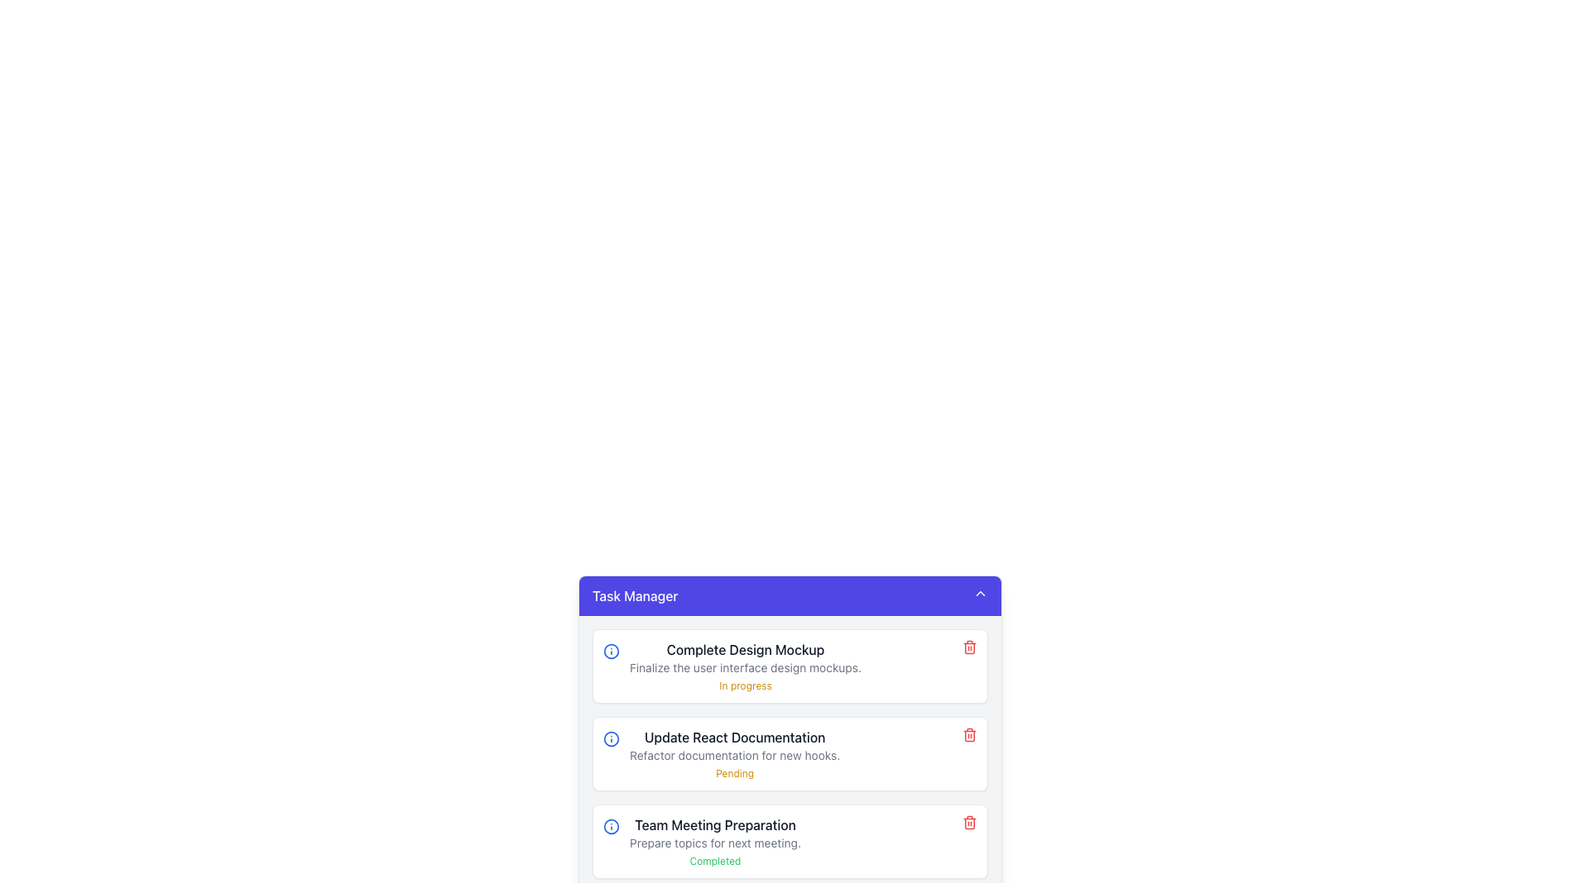  Describe the element at coordinates (745, 649) in the screenshot. I see `the task title label located above the text 'Finalize the user interface design mockups' in the task management interface` at that location.